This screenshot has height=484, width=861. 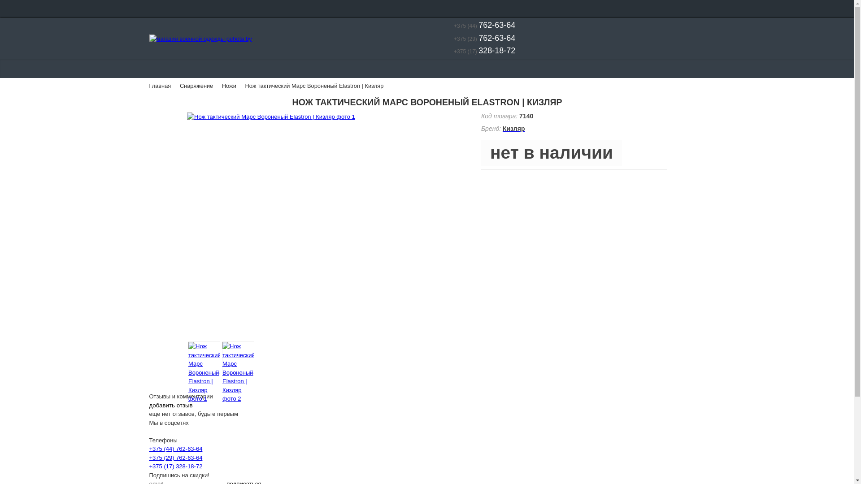 I want to click on '+375 (17) 328-18-72', so click(x=175, y=466).